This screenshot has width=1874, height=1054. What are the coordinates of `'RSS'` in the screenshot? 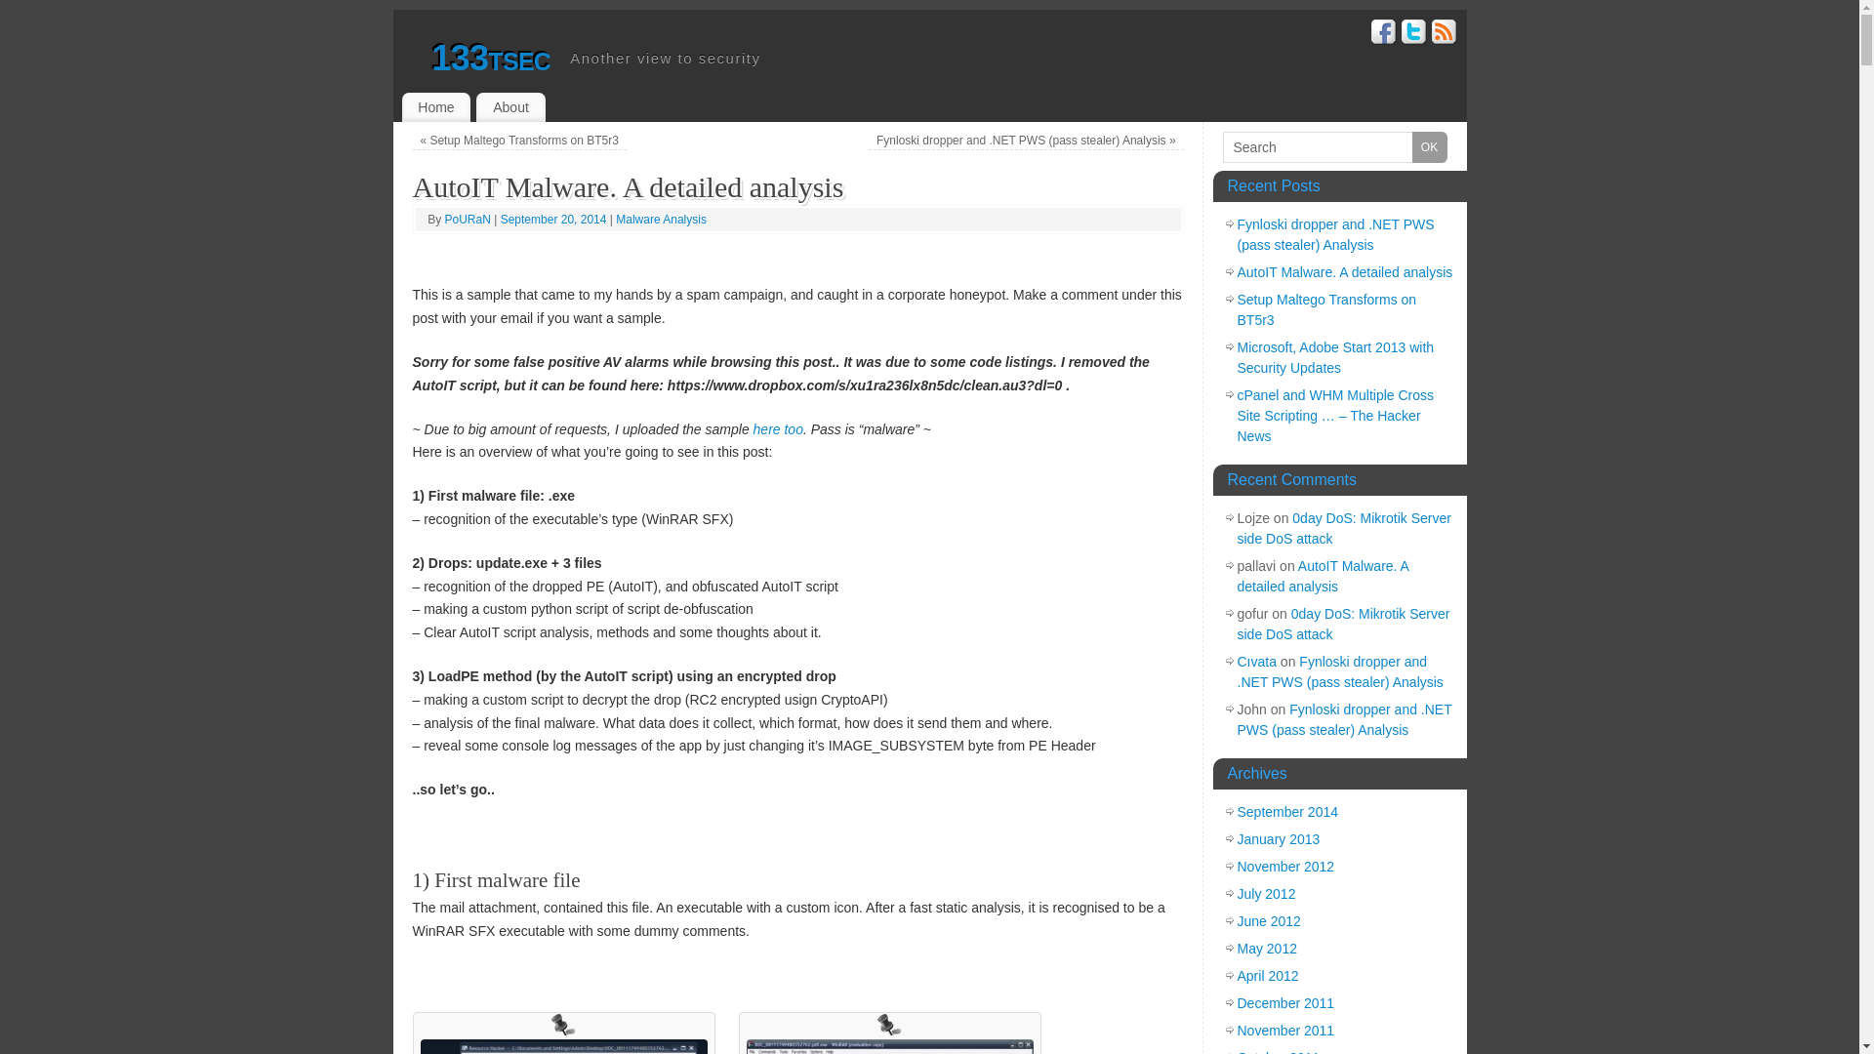 It's located at (1443, 34).